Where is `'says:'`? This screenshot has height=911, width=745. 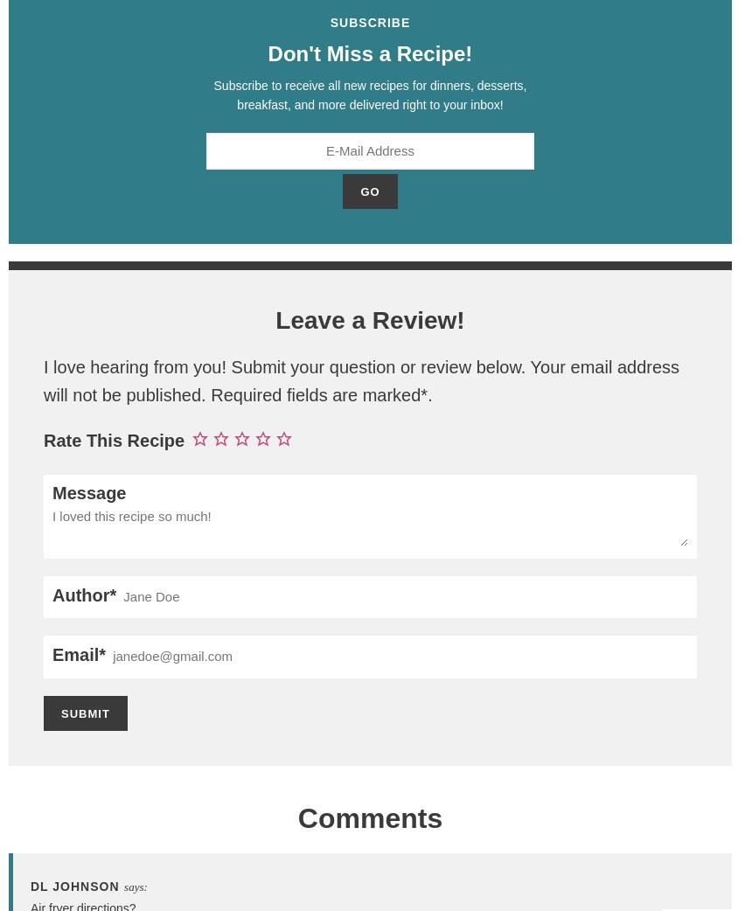 'says:' is located at coordinates (134, 886).